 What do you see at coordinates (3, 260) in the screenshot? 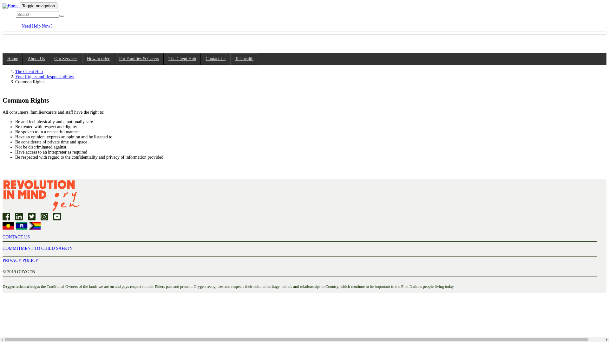
I see `'PRIVACY POLICY'` at bounding box center [3, 260].